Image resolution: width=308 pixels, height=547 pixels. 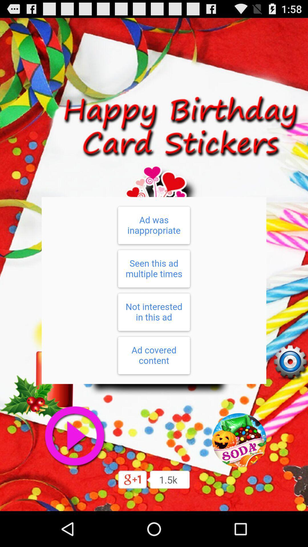 I want to click on open settings, so click(x=290, y=362).